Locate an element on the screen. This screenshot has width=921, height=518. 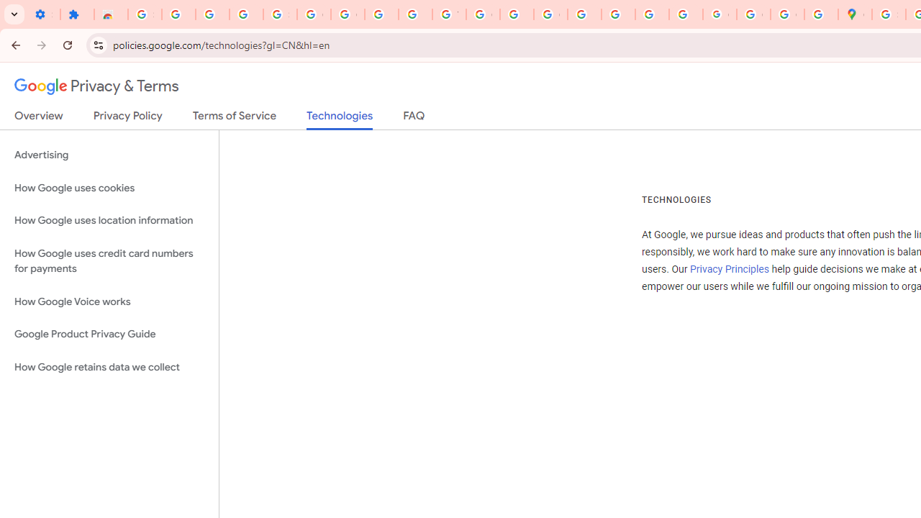
'Search tabs' is located at coordinates (14, 14).